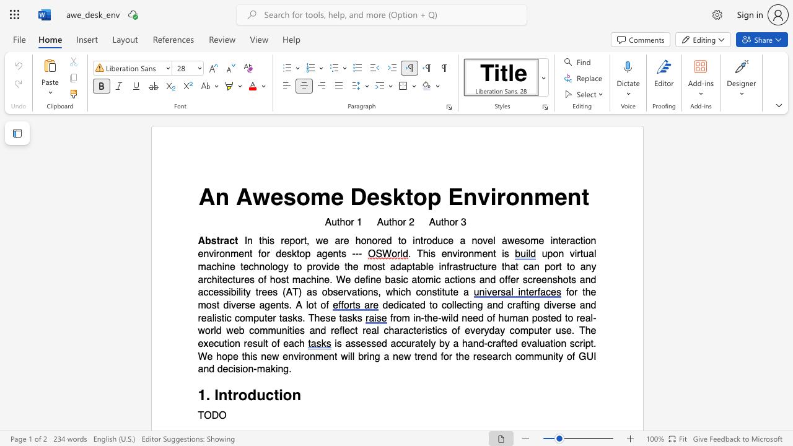 The image size is (793, 446). I want to click on the subset text "ies an" within the text "from in-the-wild need of human posted to real-world web communities and reflect real characteristics of everyday computer use. The execution result of each", so click(291, 330).